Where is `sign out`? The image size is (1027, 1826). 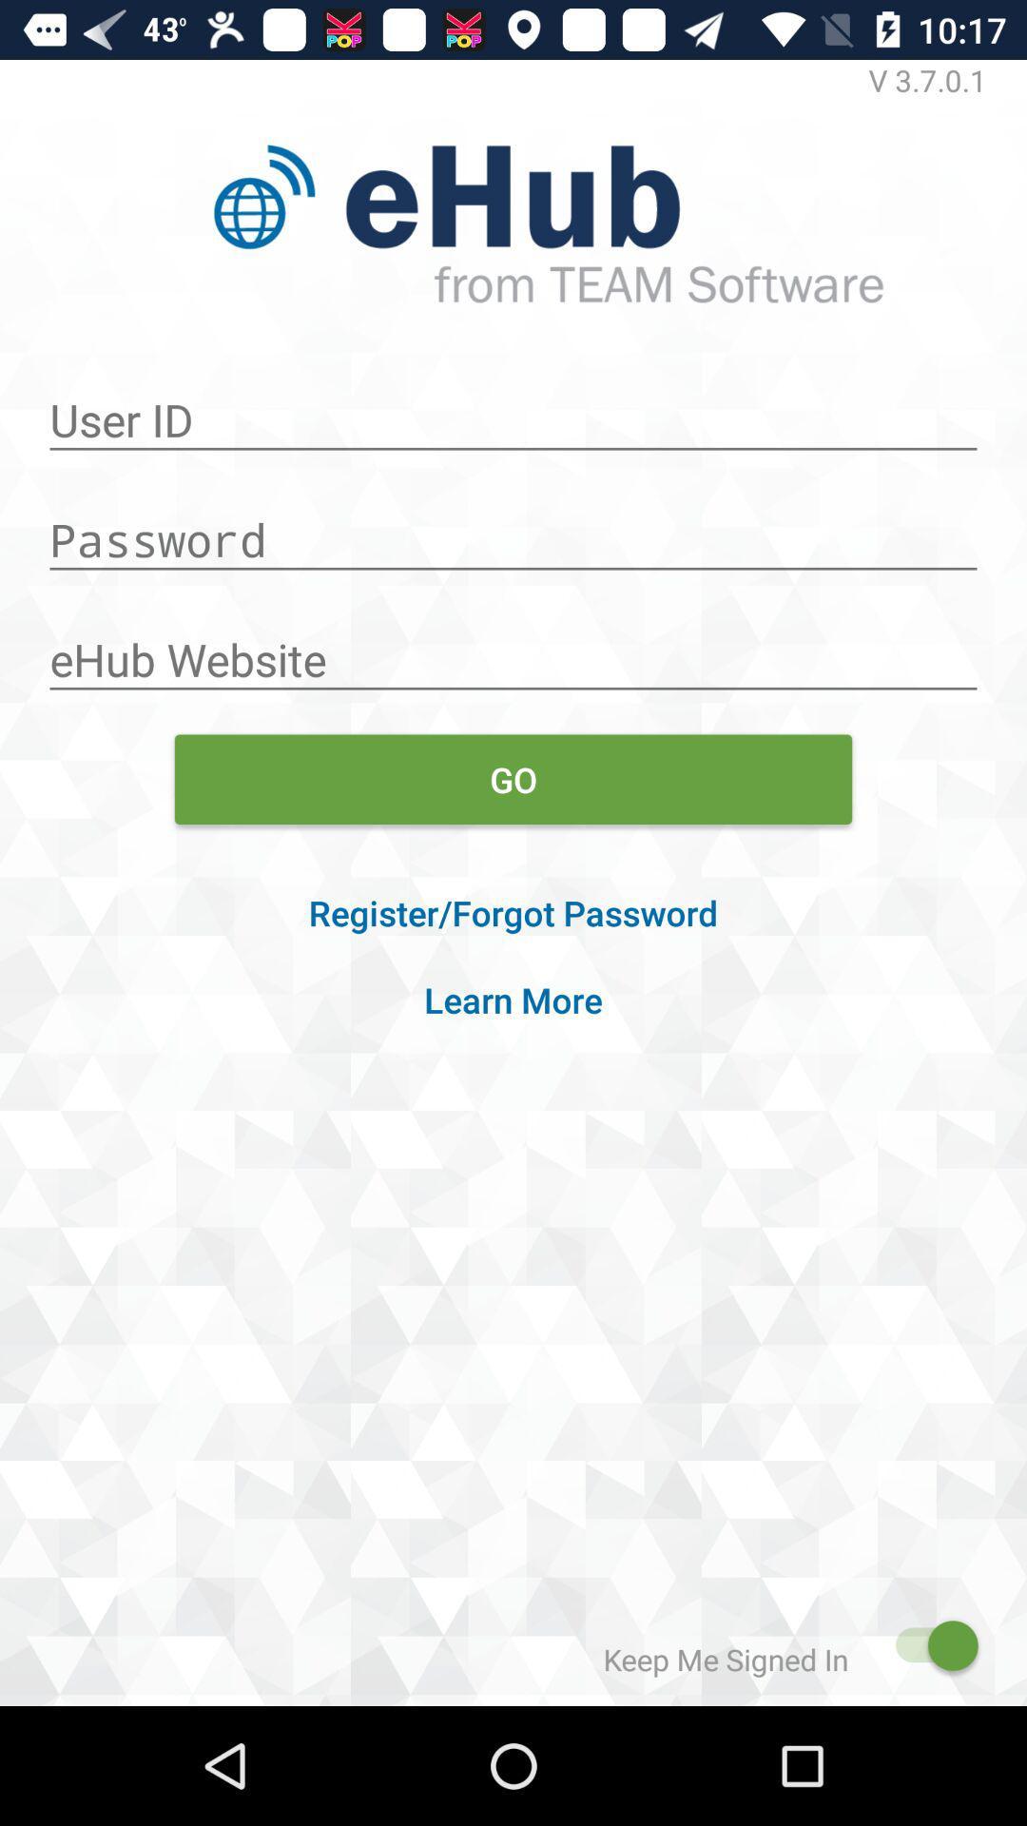
sign out is located at coordinates (926, 1644).